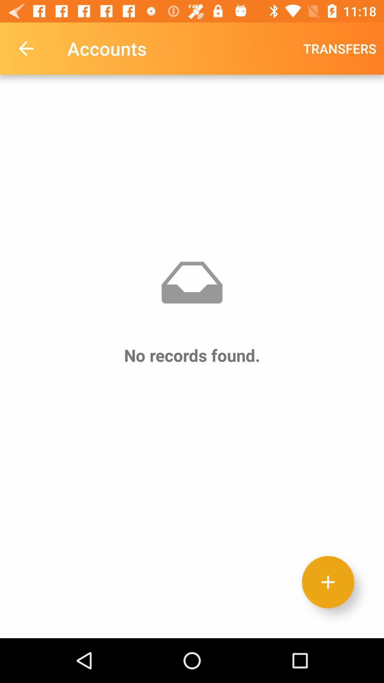 The width and height of the screenshot is (384, 683). I want to click on icon below the no records found. item, so click(328, 582).